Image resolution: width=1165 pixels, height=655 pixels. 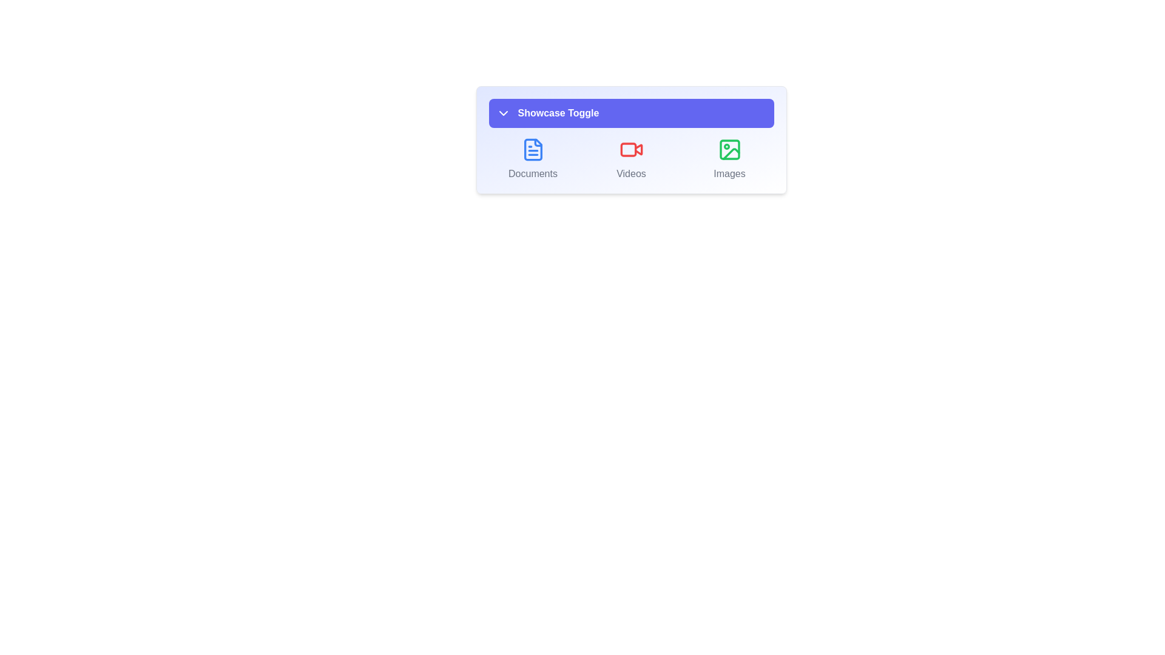 I want to click on the icons within the 'Showcase Toggle' card, which features a gradient background and includes 'Documents', 'Videos', and 'Images' items with respective icons, so click(x=631, y=139).